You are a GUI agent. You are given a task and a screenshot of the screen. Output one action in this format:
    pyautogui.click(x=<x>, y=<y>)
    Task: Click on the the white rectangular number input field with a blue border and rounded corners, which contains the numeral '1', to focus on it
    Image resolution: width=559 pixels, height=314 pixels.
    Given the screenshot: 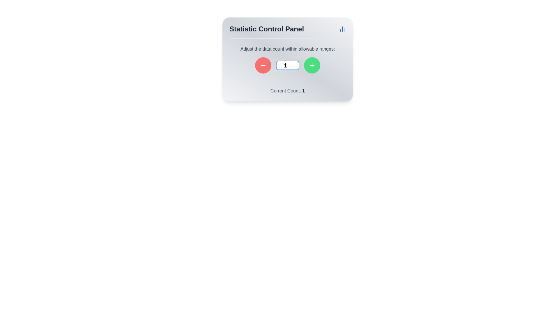 What is the action you would take?
    pyautogui.click(x=288, y=65)
    